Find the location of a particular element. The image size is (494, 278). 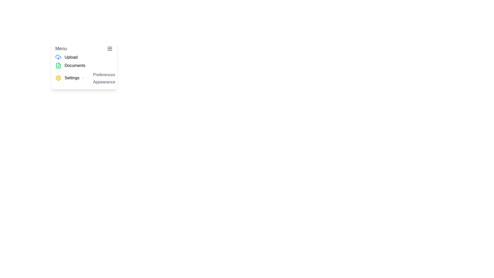

the 'Appearance' text label in the menu that appears below 'Preferences', which changes color on hover is located at coordinates (104, 82).